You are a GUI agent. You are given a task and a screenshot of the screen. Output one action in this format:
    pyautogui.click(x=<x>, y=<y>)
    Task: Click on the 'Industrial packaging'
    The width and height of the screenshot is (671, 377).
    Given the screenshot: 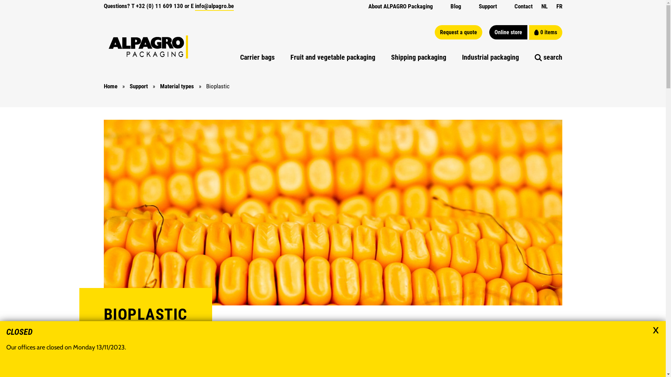 What is the action you would take?
    pyautogui.click(x=462, y=57)
    